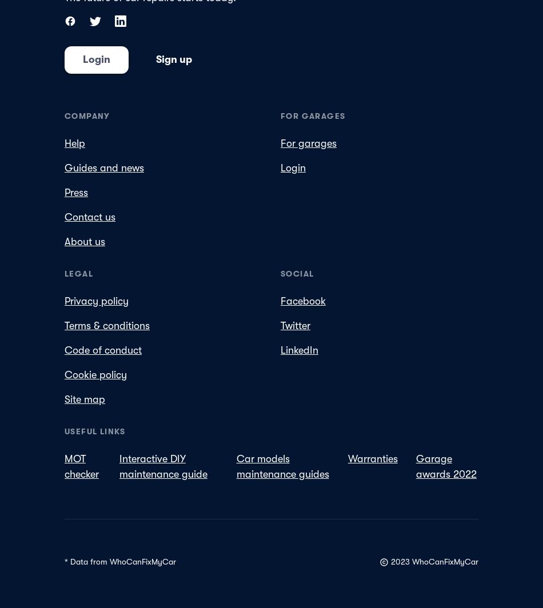 The image size is (543, 608). Describe the element at coordinates (95, 374) in the screenshot. I see `'Cookie policy'` at that location.